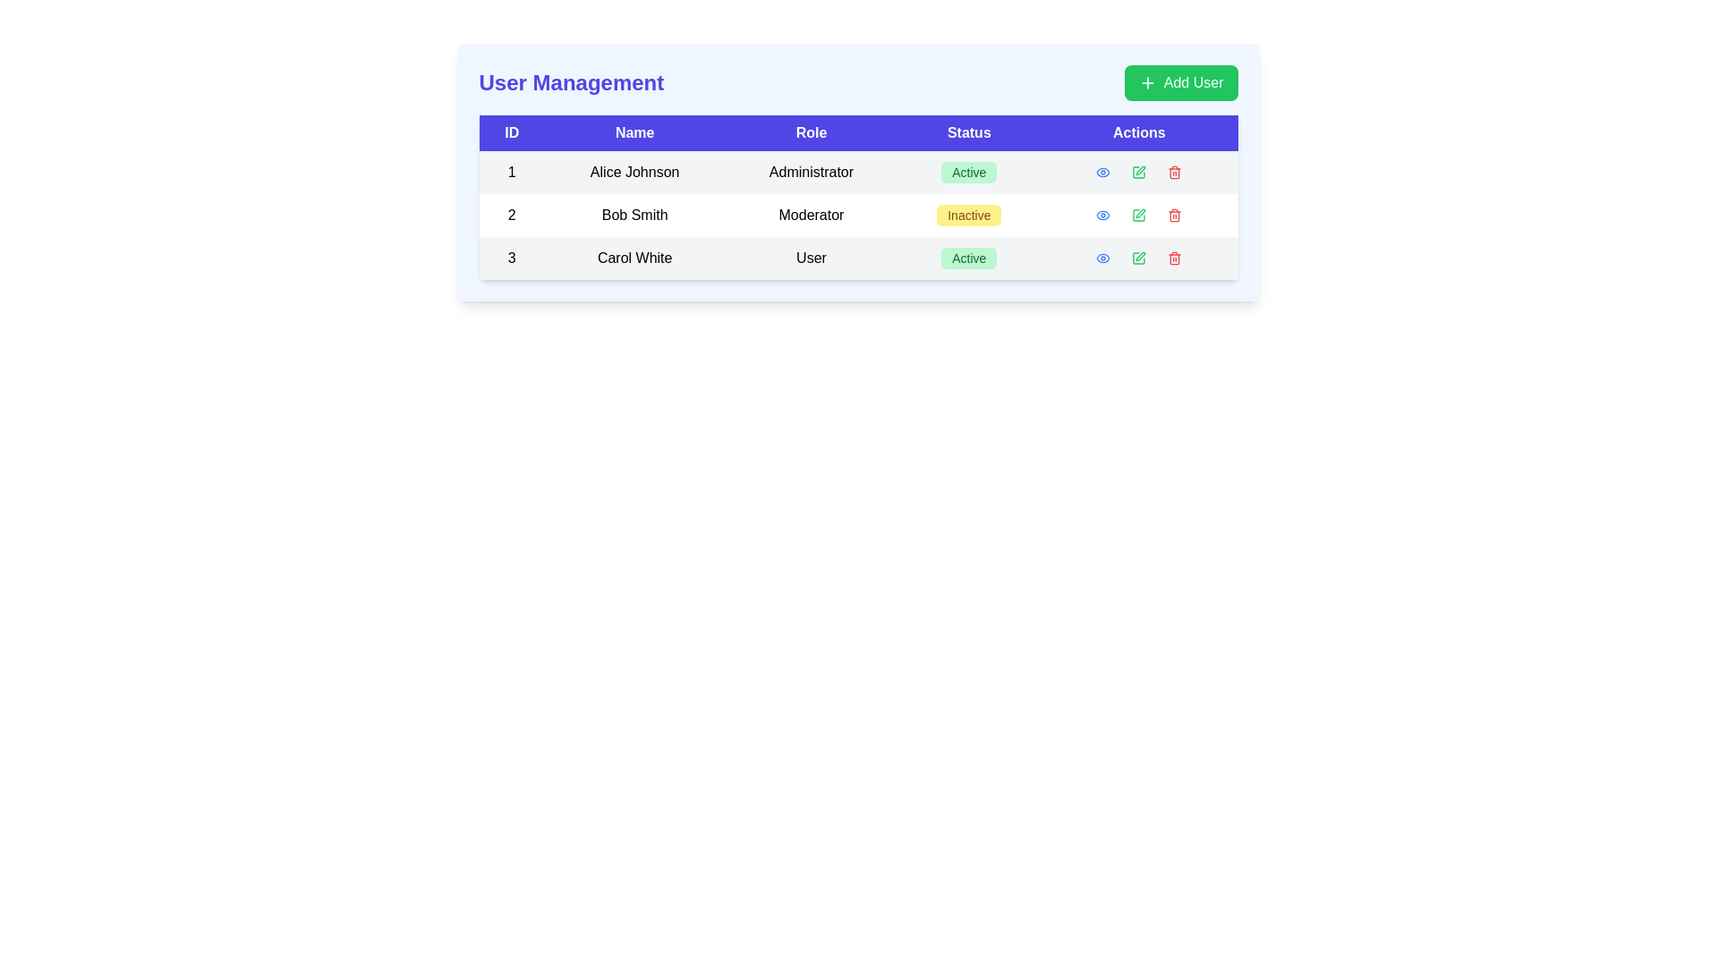 This screenshot has height=966, width=1718. I want to click on the text label displaying the name 'Carol White' in the third row of the table under the 'Name' column, so click(634, 258).